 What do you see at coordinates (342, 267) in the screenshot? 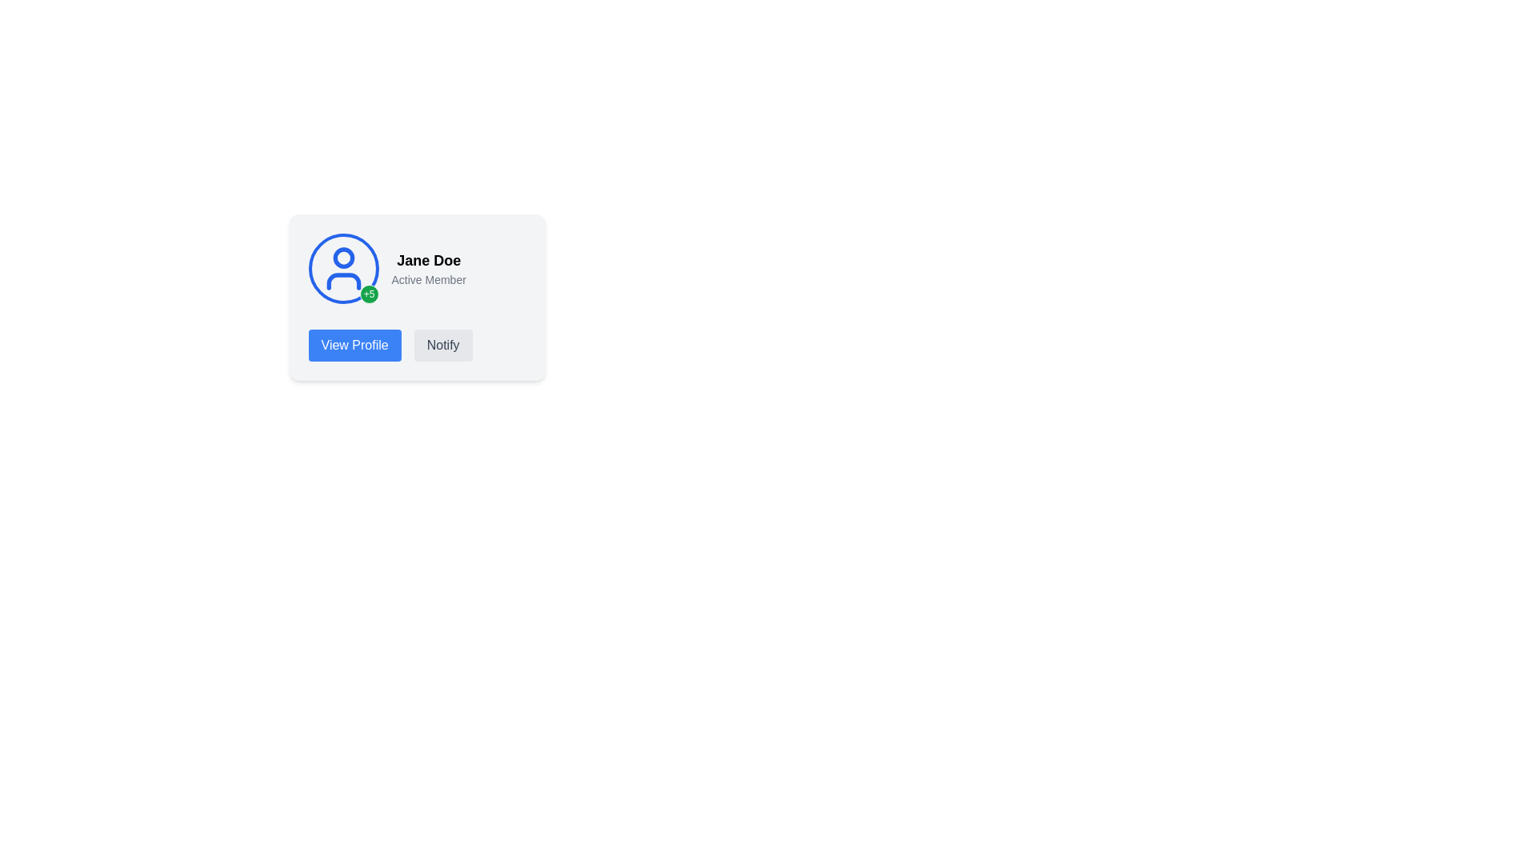
I see `the green circular badge displaying '+5' located at the bottom-right corner of the user profile icon for interaction` at bounding box center [342, 267].